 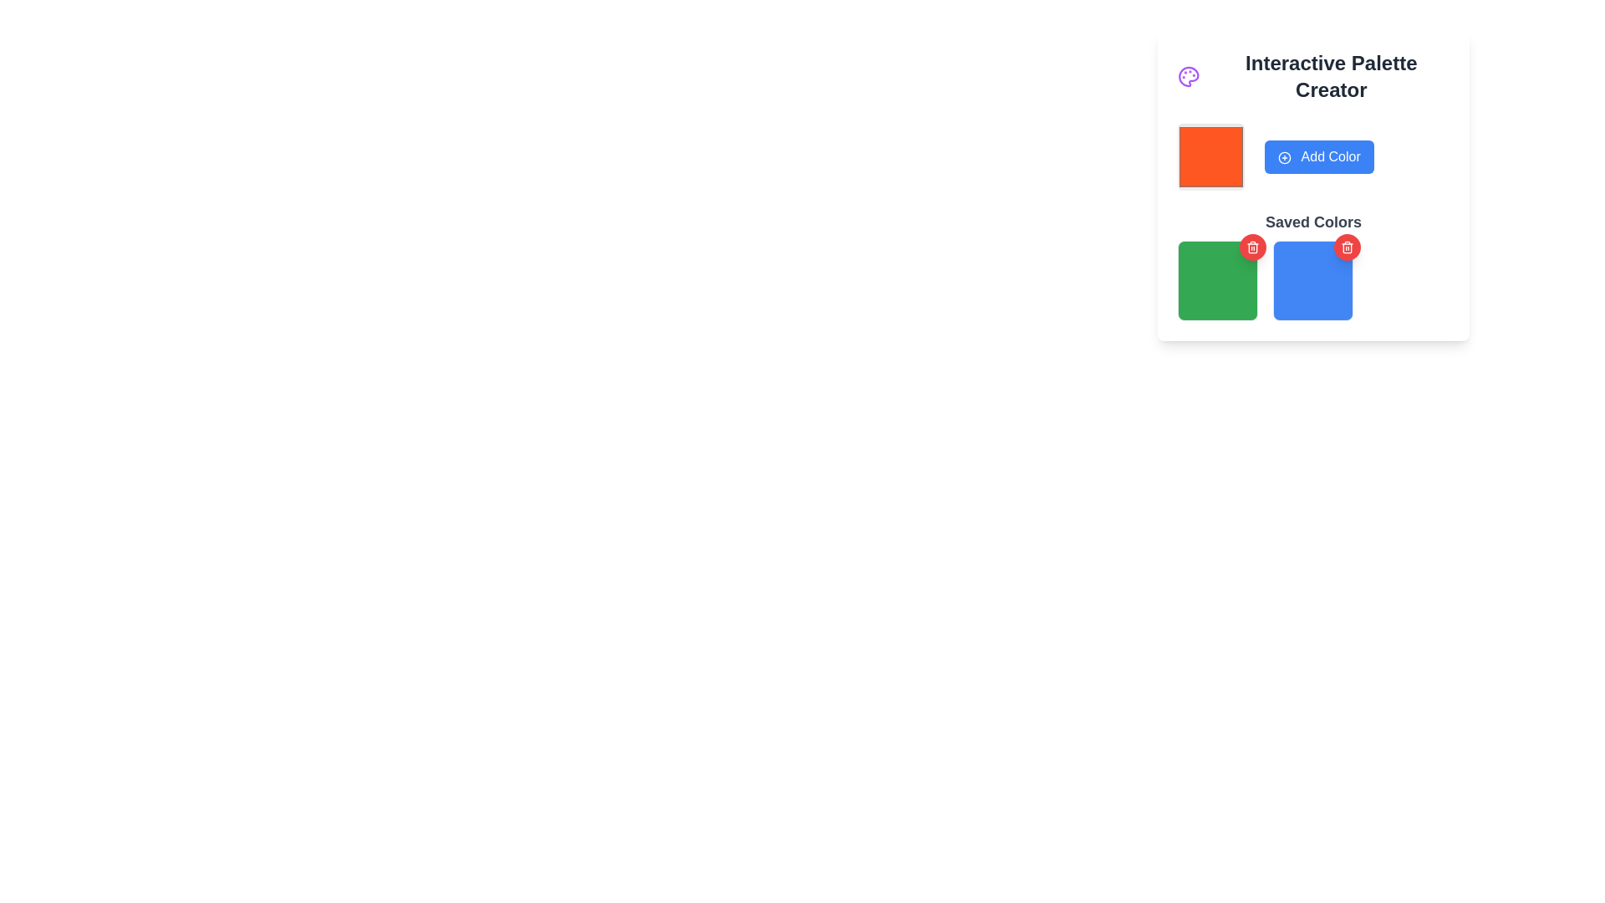 What do you see at coordinates (1312, 264) in the screenshot?
I see `the color block element in the 'Interactive Palette Creator' interface, specifically the second grid item under 'Saved Colors'` at bounding box center [1312, 264].